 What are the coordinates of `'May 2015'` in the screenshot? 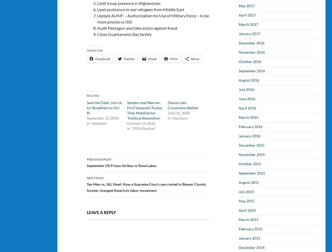 It's located at (239, 201).